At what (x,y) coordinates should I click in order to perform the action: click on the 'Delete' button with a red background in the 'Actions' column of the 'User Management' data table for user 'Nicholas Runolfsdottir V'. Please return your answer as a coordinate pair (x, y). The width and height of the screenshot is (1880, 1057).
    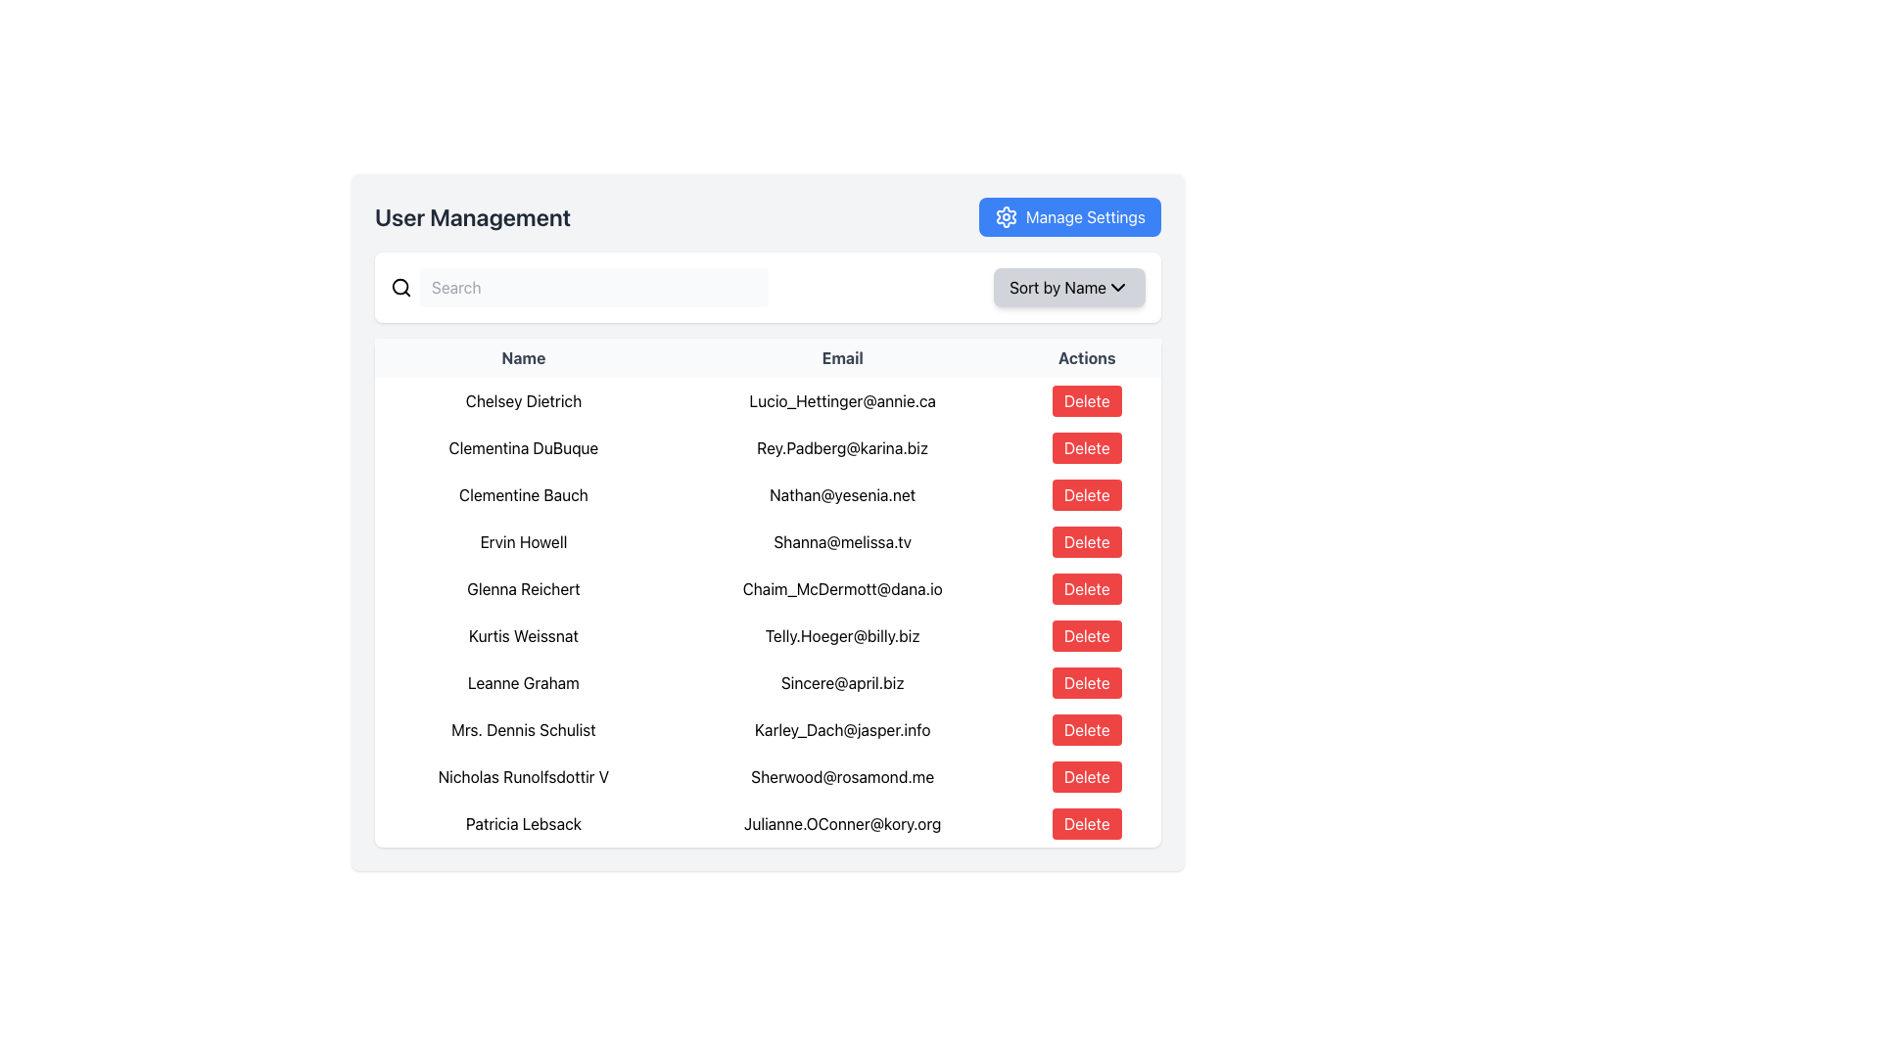
    Looking at the image, I should click on (1086, 776).